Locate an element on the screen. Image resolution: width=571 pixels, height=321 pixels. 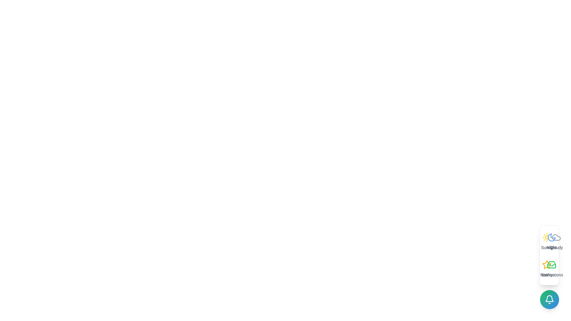
the option labeled Cloudy by clicking its icon and label is located at coordinates (556, 242).